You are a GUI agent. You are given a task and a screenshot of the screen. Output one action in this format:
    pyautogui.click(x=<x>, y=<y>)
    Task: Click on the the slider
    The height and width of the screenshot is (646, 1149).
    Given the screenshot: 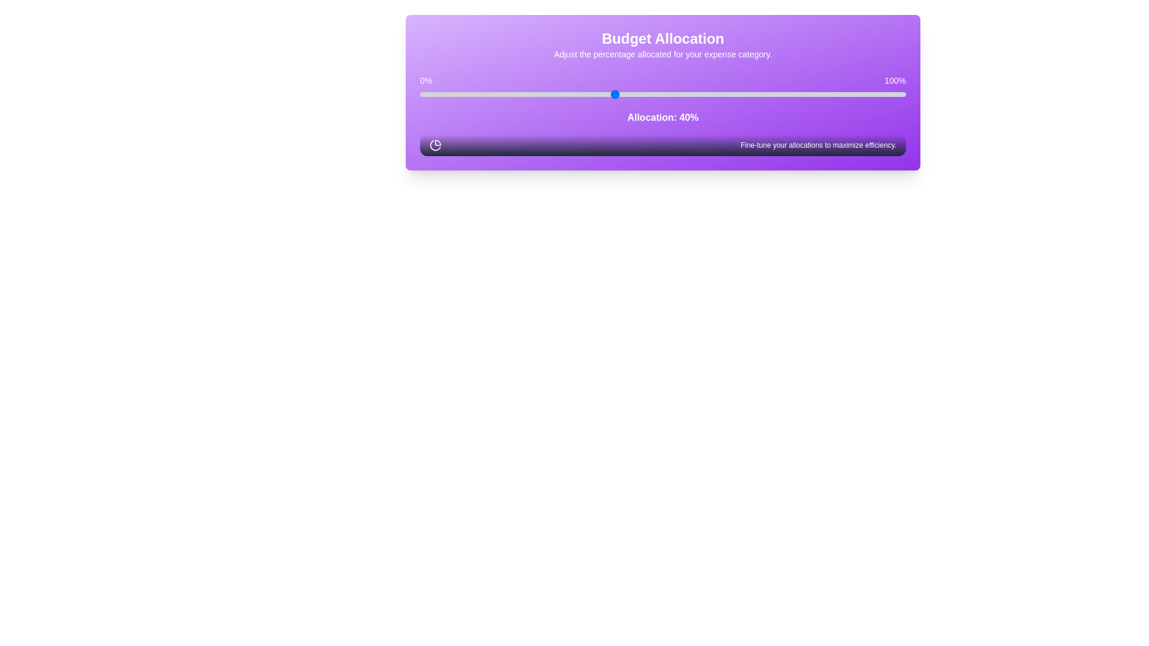 What is the action you would take?
    pyautogui.click(x=799, y=94)
    